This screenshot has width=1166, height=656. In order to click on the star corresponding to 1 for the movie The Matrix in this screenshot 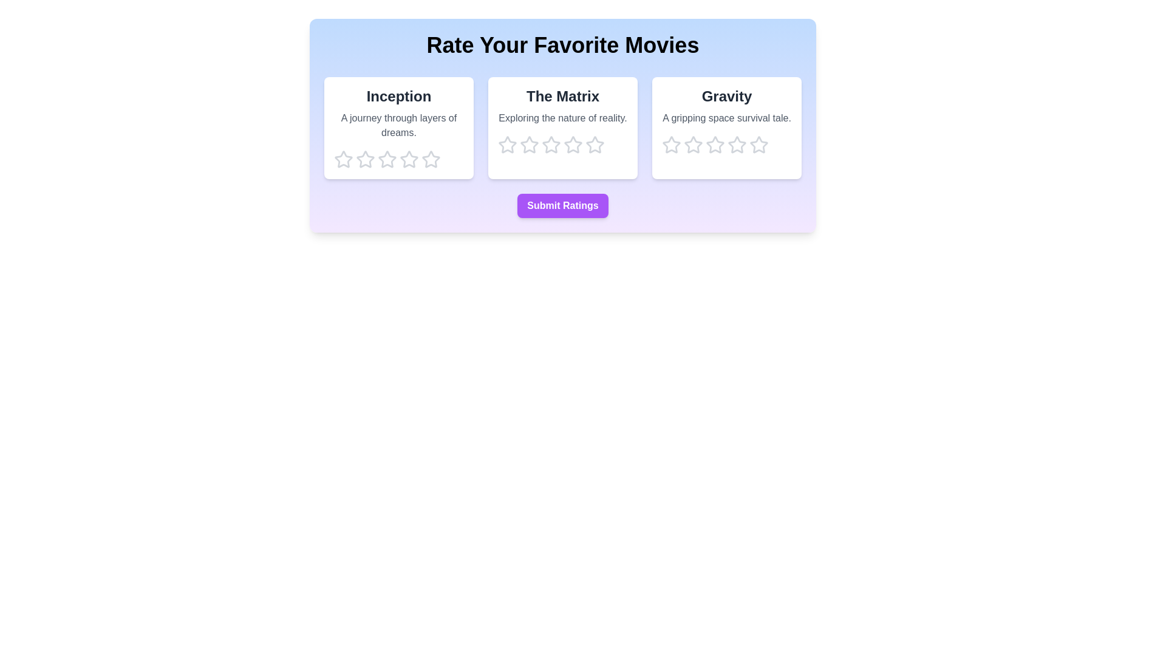, I will do `click(507, 145)`.